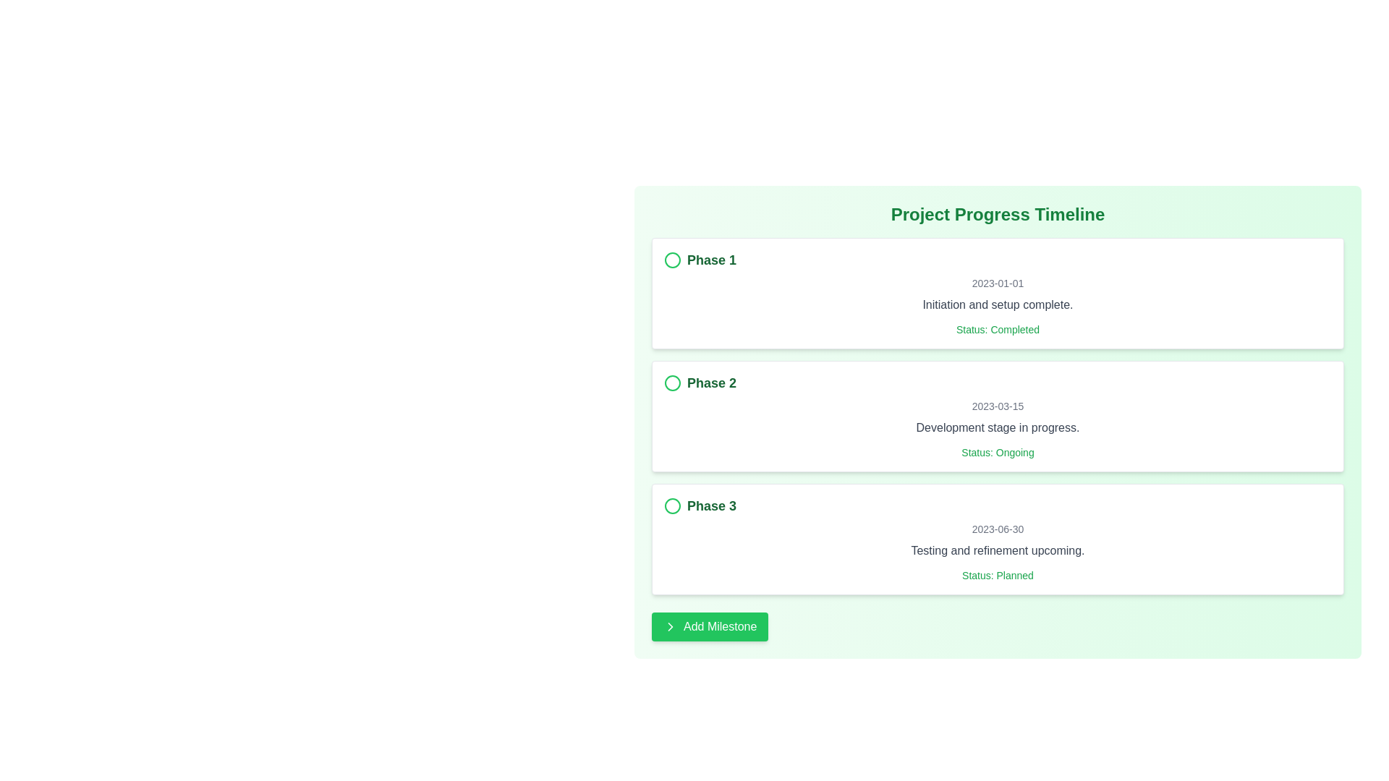 The image size is (1389, 781). Describe the element at coordinates (997, 283) in the screenshot. I see `the static text label displaying the date associated with 'Phase 1', which is centered horizontally within the card and located below the title` at that location.